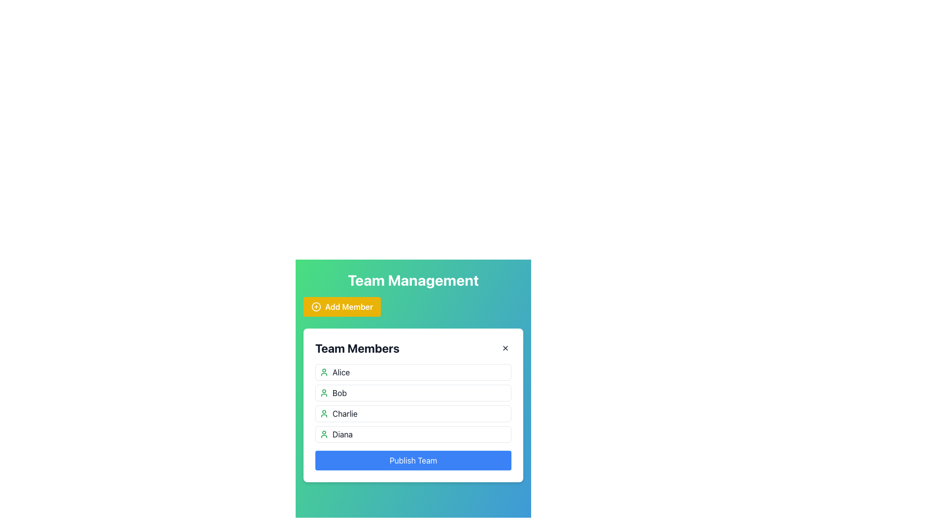 This screenshot has height=532, width=946. I want to click on the Decorative SVG element, which is a circular shape with no fill and a prominent border, located in the 'Team Management' section next to the 'Add Member' label, so click(316, 306).